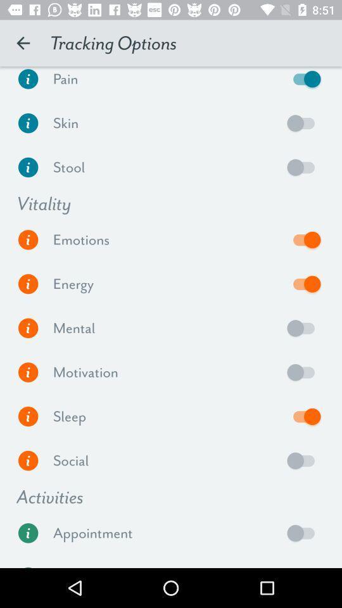 The height and width of the screenshot is (608, 342). Describe the element at coordinates (28, 532) in the screenshot. I see `get information about appointments and how to set them up` at that location.